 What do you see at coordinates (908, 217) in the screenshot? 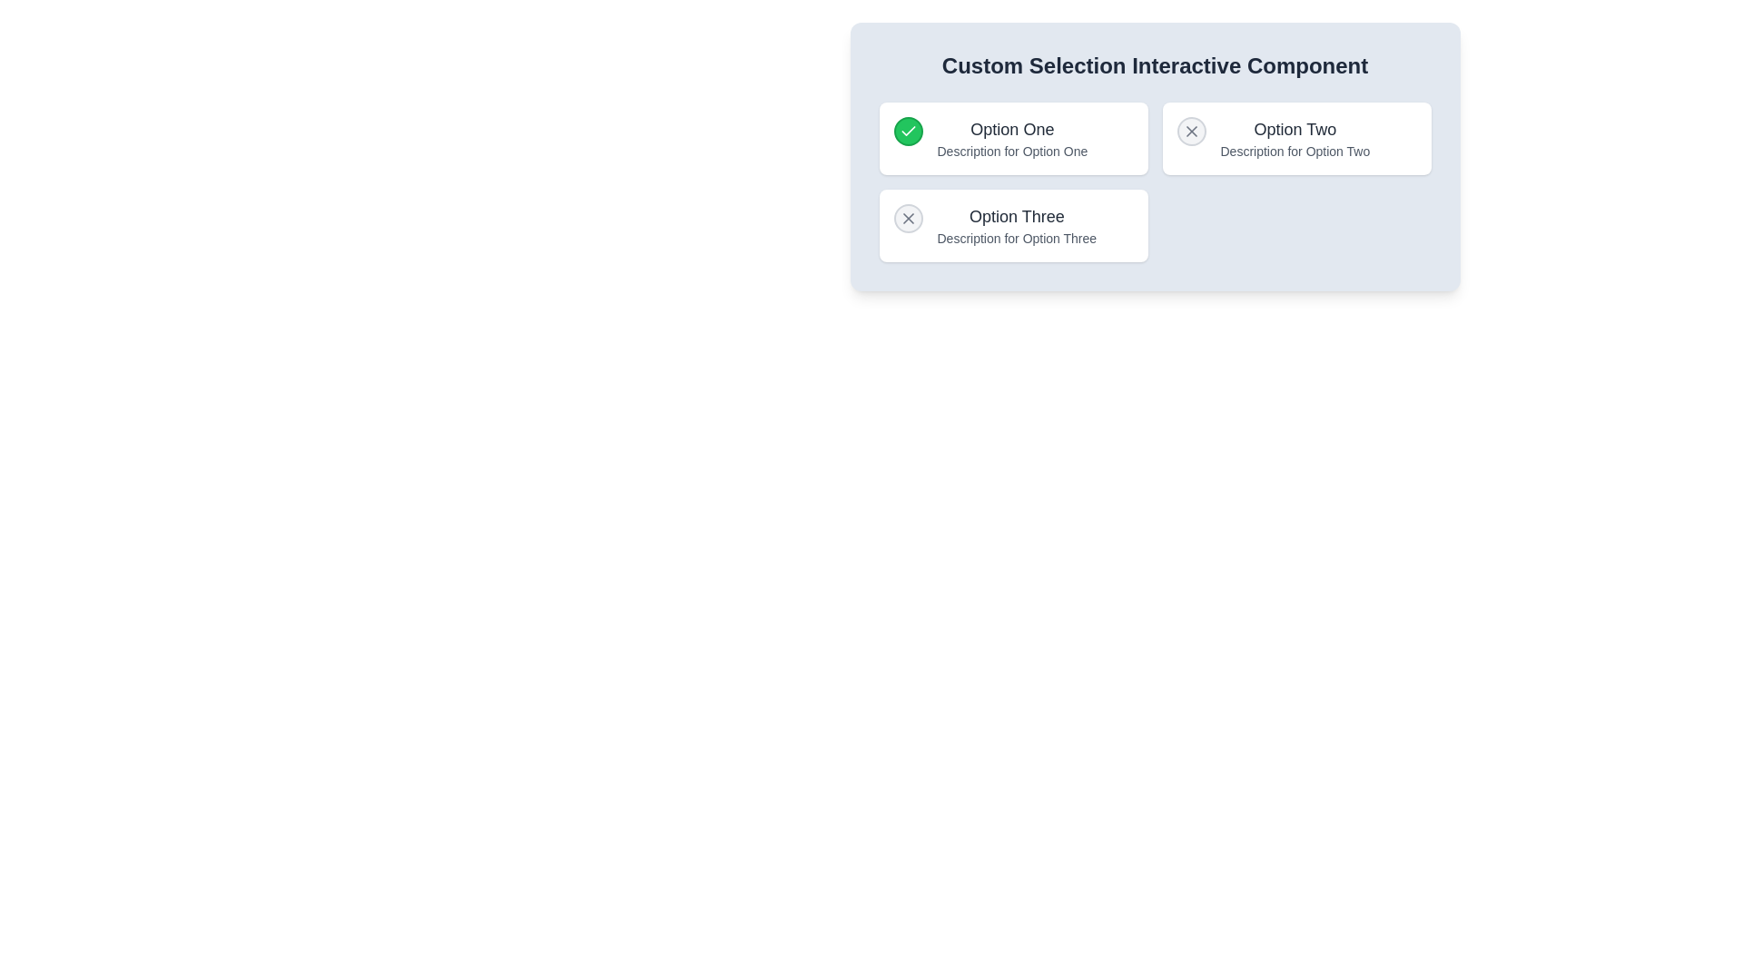
I see `the button with an embedded icon located in the top-left corner of the 'Option Three' box for accessibility interaction` at bounding box center [908, 217].